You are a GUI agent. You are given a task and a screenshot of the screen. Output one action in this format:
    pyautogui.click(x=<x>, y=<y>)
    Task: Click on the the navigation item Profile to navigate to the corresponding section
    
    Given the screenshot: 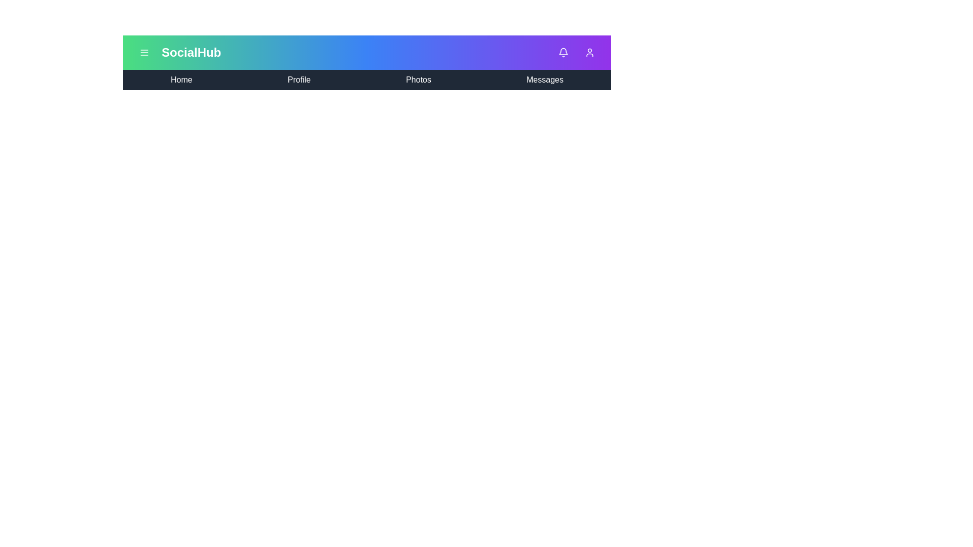 What is the action you would take?
    pyautogui.click(x=298, y=80)
    